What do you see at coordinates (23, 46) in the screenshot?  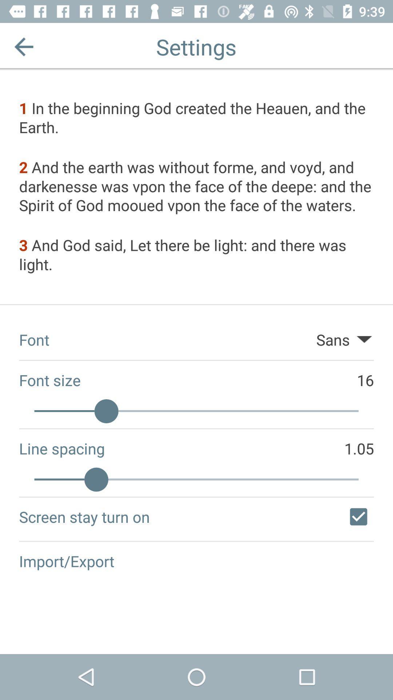 I see `the app above the 1 in the` at bounding box center [23, 46].